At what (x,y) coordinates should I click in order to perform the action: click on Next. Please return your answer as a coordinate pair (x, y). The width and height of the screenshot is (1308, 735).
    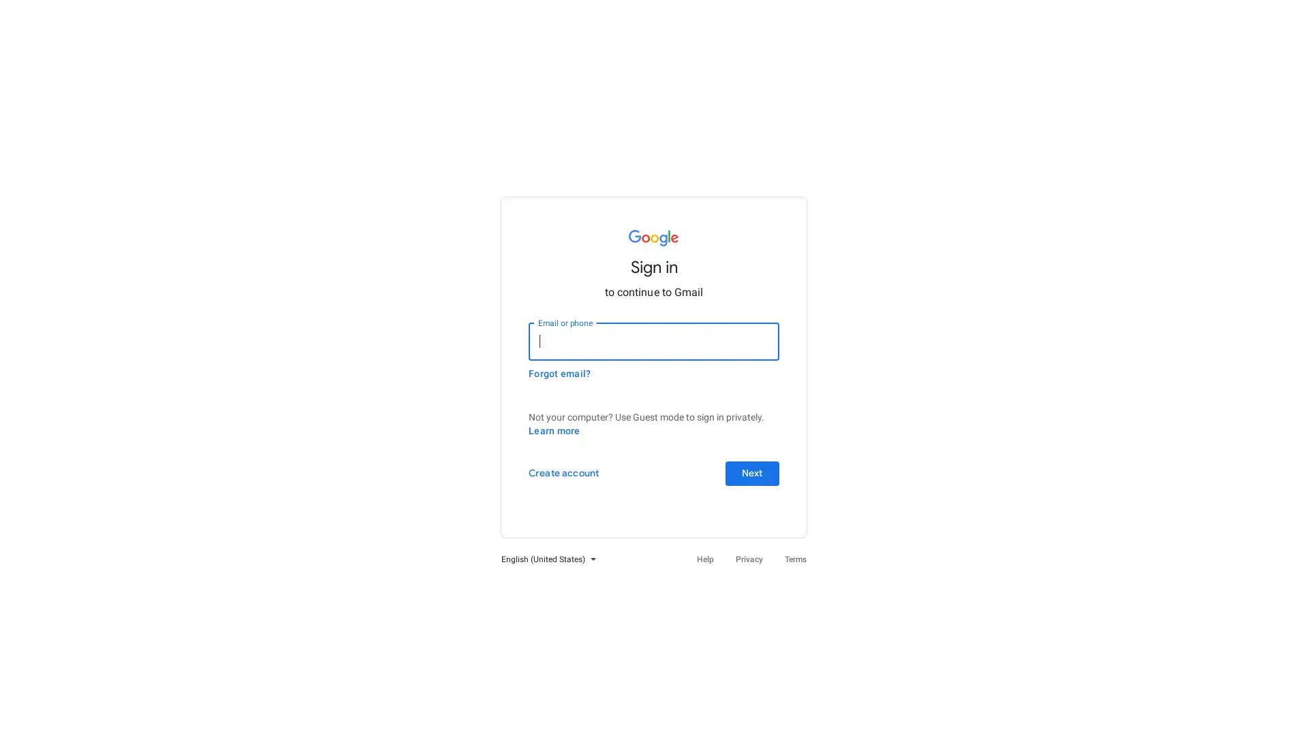
    Looking at the image, I should click on (751, 472).